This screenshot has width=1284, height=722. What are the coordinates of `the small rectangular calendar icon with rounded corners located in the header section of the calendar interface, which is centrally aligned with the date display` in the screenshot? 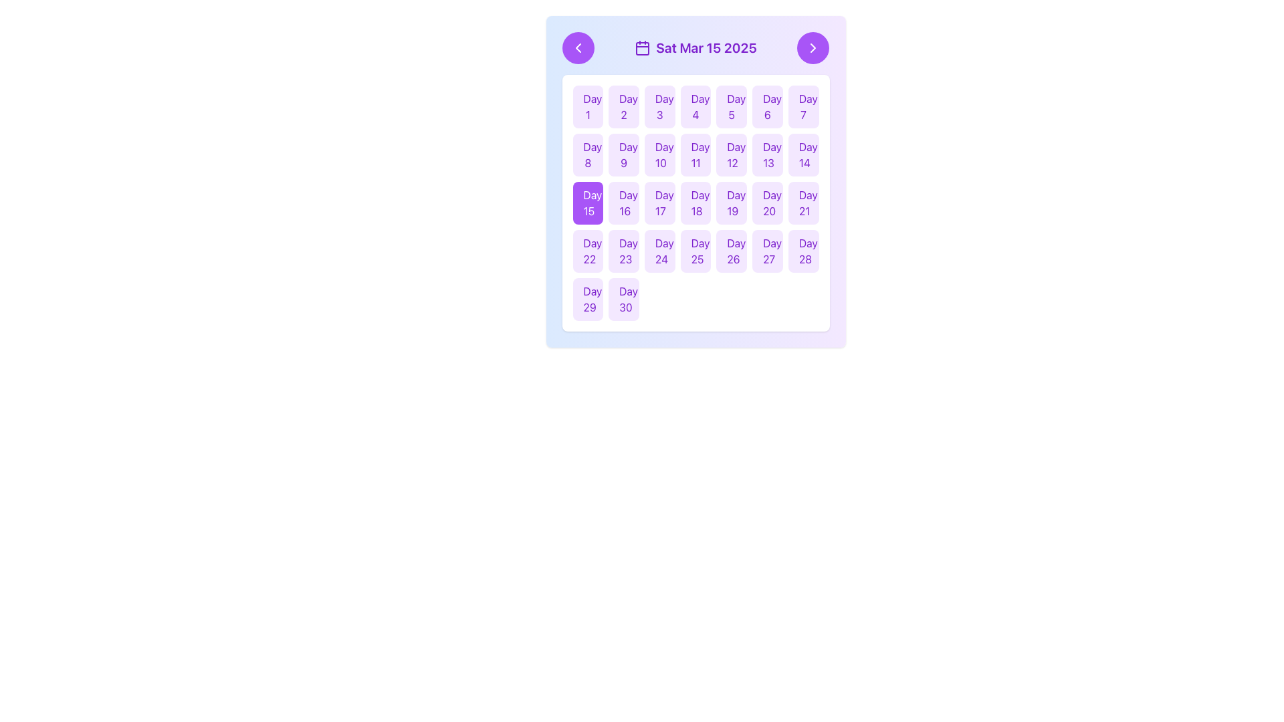 It's located at (643, 48).